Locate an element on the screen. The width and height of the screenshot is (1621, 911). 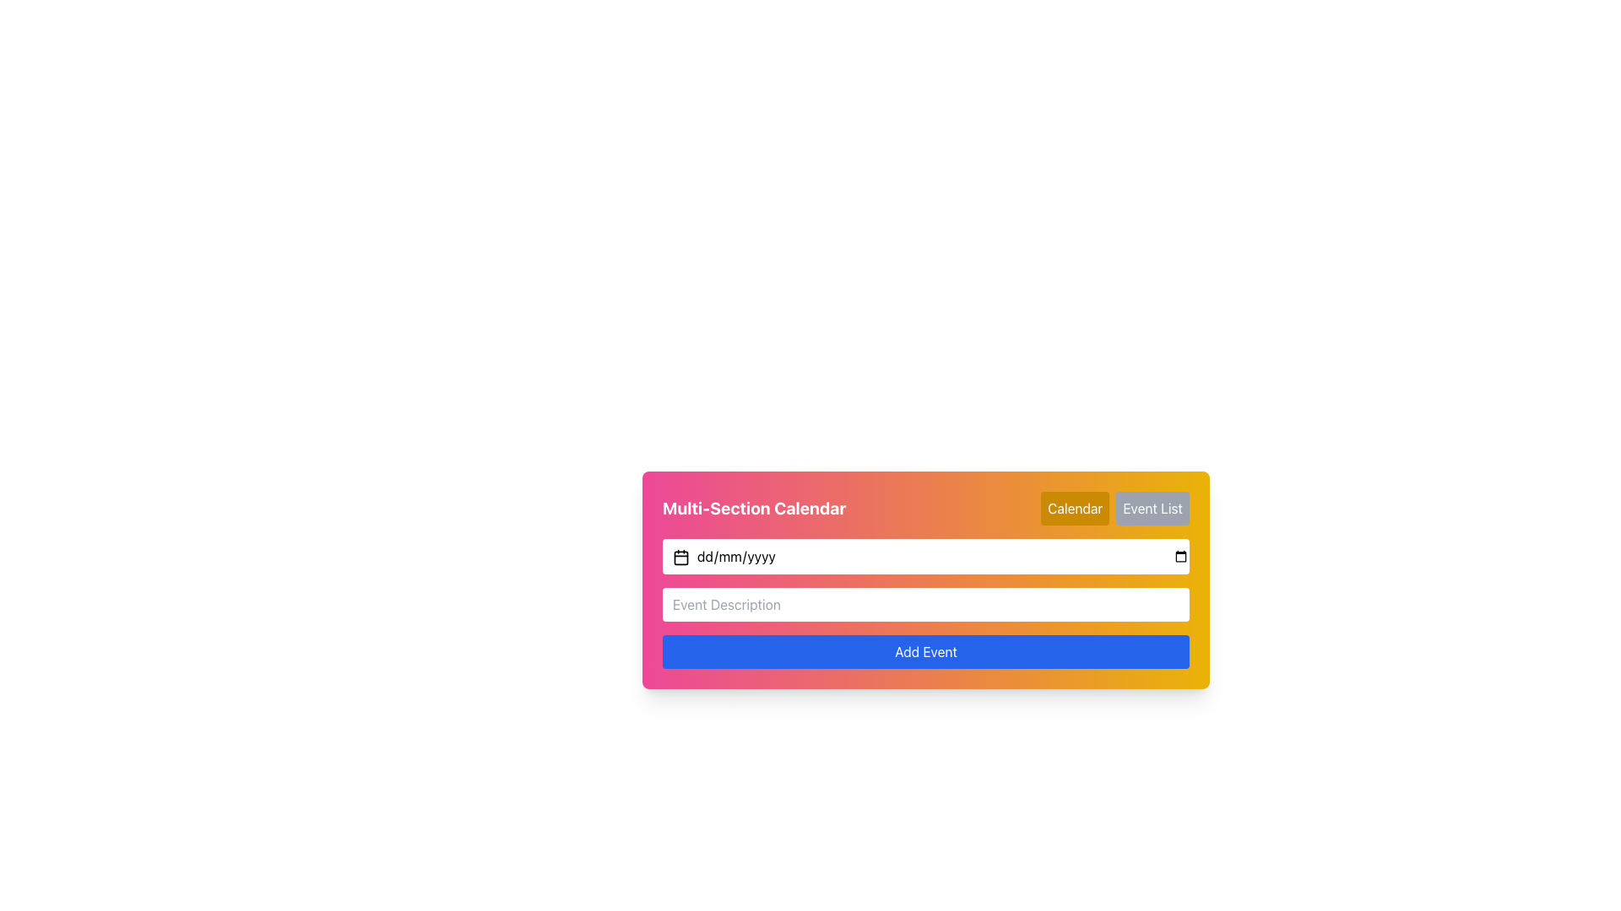
the 'Event List' tab, which is the right tab in the tab set styled with a gray background is located at coordinates (1114, 507).